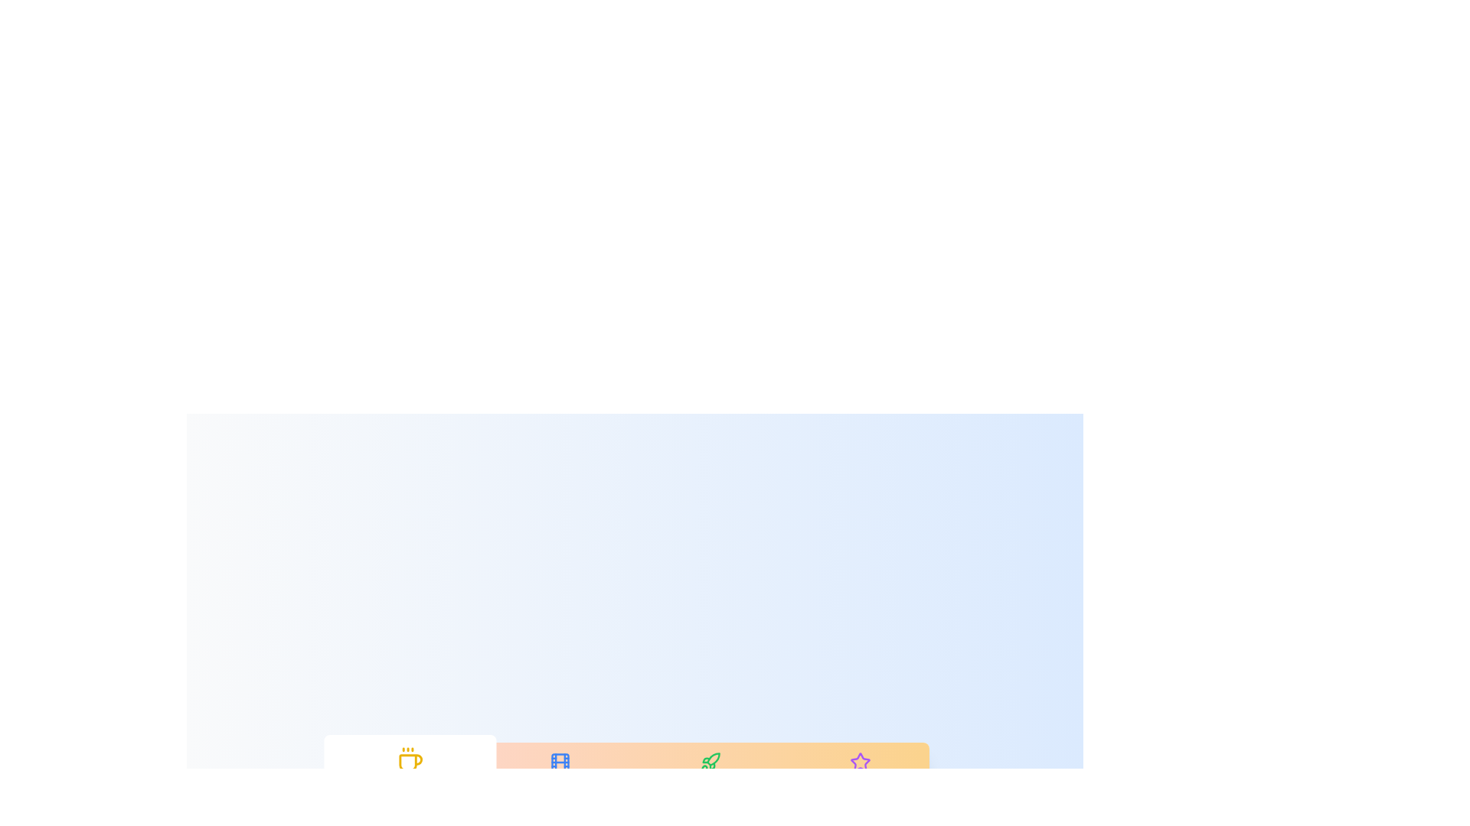 The image size is (1470, 826). I want to click on the tab labeled Movies to observe hover effects, so click(559, 772).